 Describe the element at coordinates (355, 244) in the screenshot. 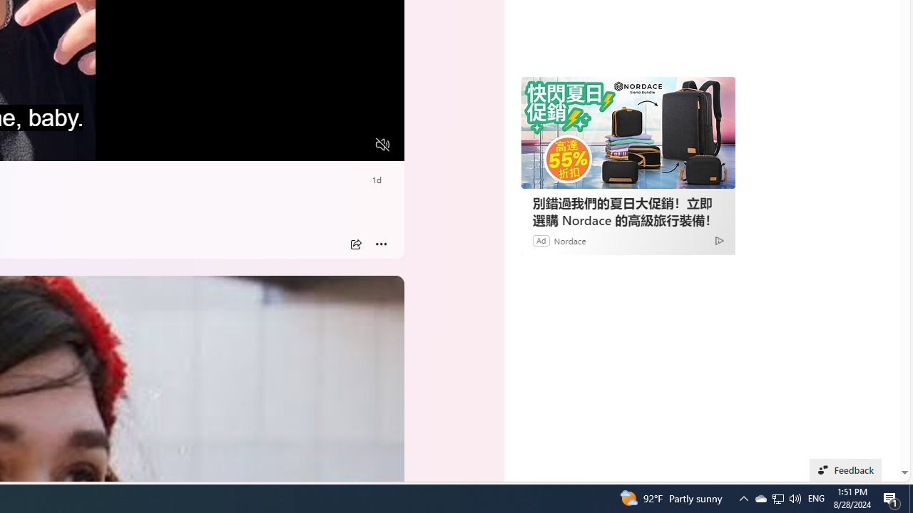

I see `'Share'` at that location.